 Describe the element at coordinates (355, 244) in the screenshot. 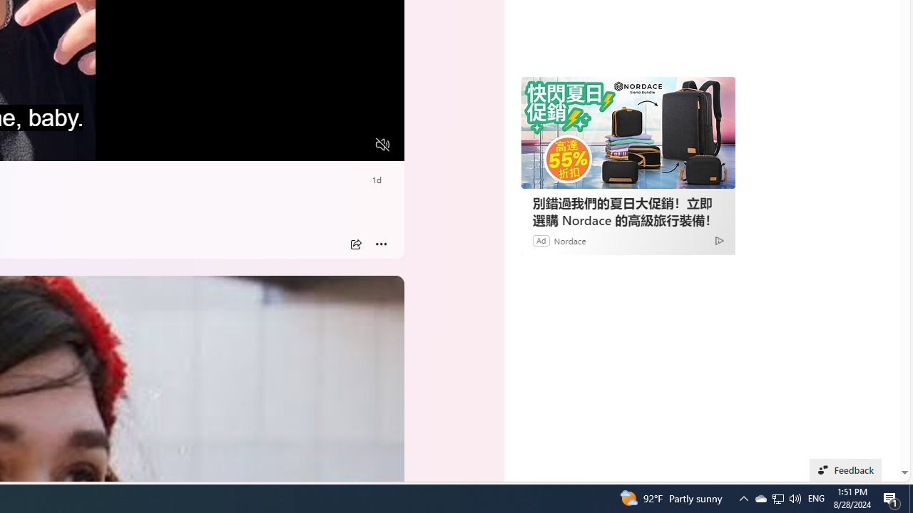

I see `'Share'` at that location.